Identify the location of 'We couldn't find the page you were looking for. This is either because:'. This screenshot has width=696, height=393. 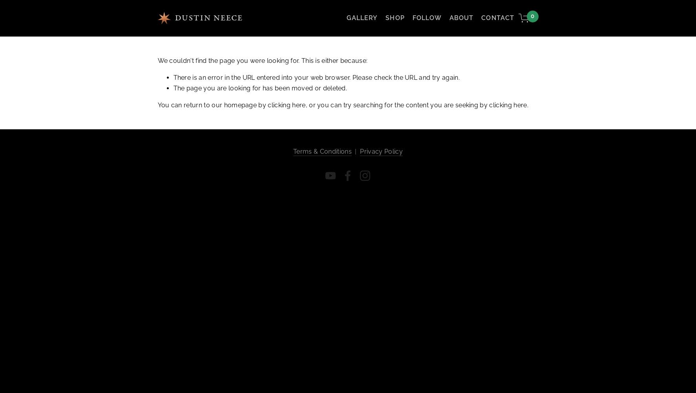
(262, 60).